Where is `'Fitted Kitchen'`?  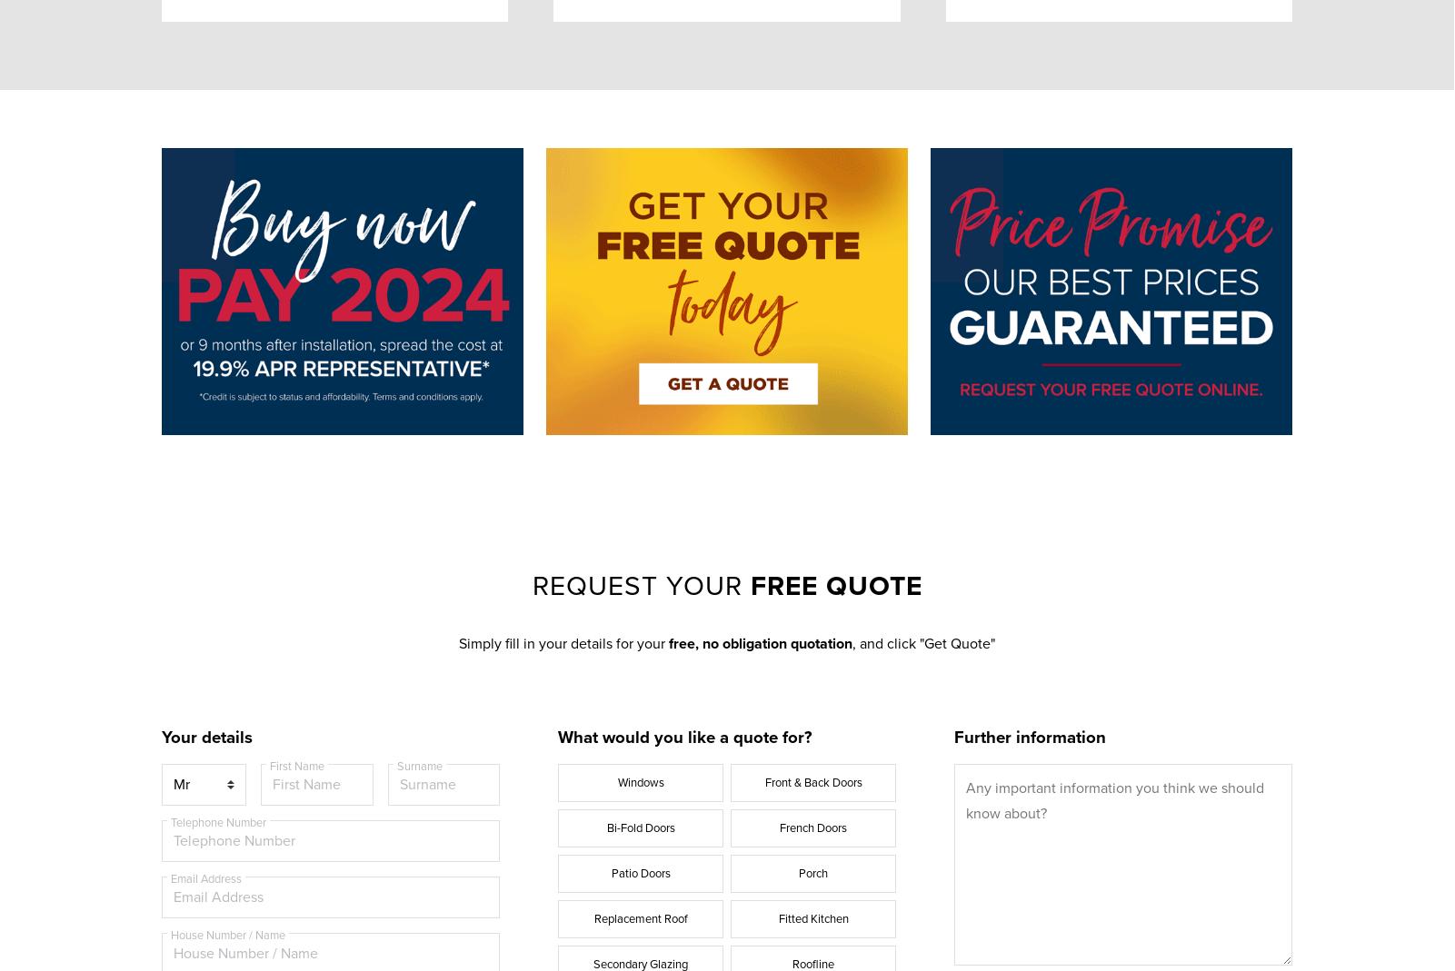
'Fitted Kitchen' is located at coordinates (812, 917).